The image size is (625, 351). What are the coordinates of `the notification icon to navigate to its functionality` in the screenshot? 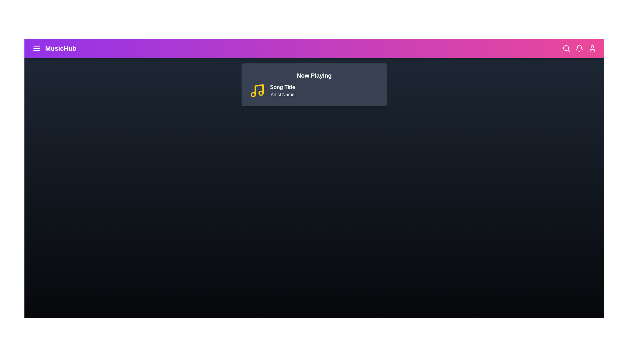 It's located at (579, 48).